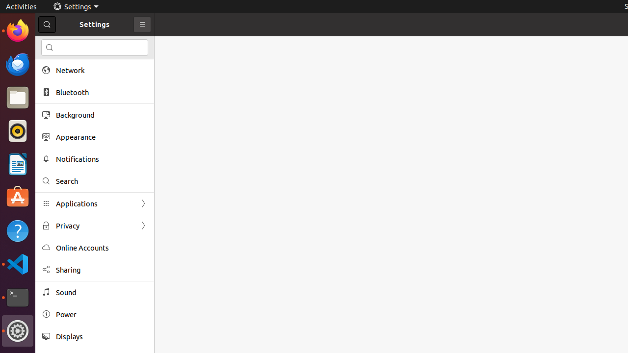  Describe the element at coordinates (17, 30) in the screenshot. I see `'Firefox Web Browser'` at that location.